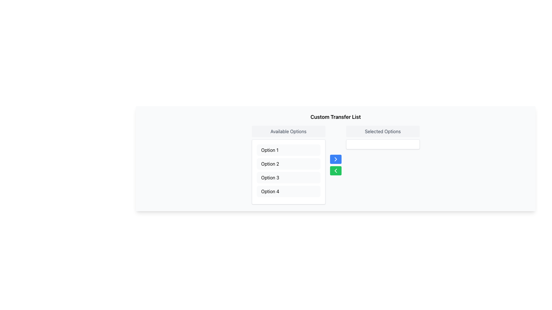 The width and height of the screenshot is (552, 310). Describe the element at coordinates (288, 177) in the screenshot. I see `the list item labeled 'Option 3' with a light gray background` at that location.